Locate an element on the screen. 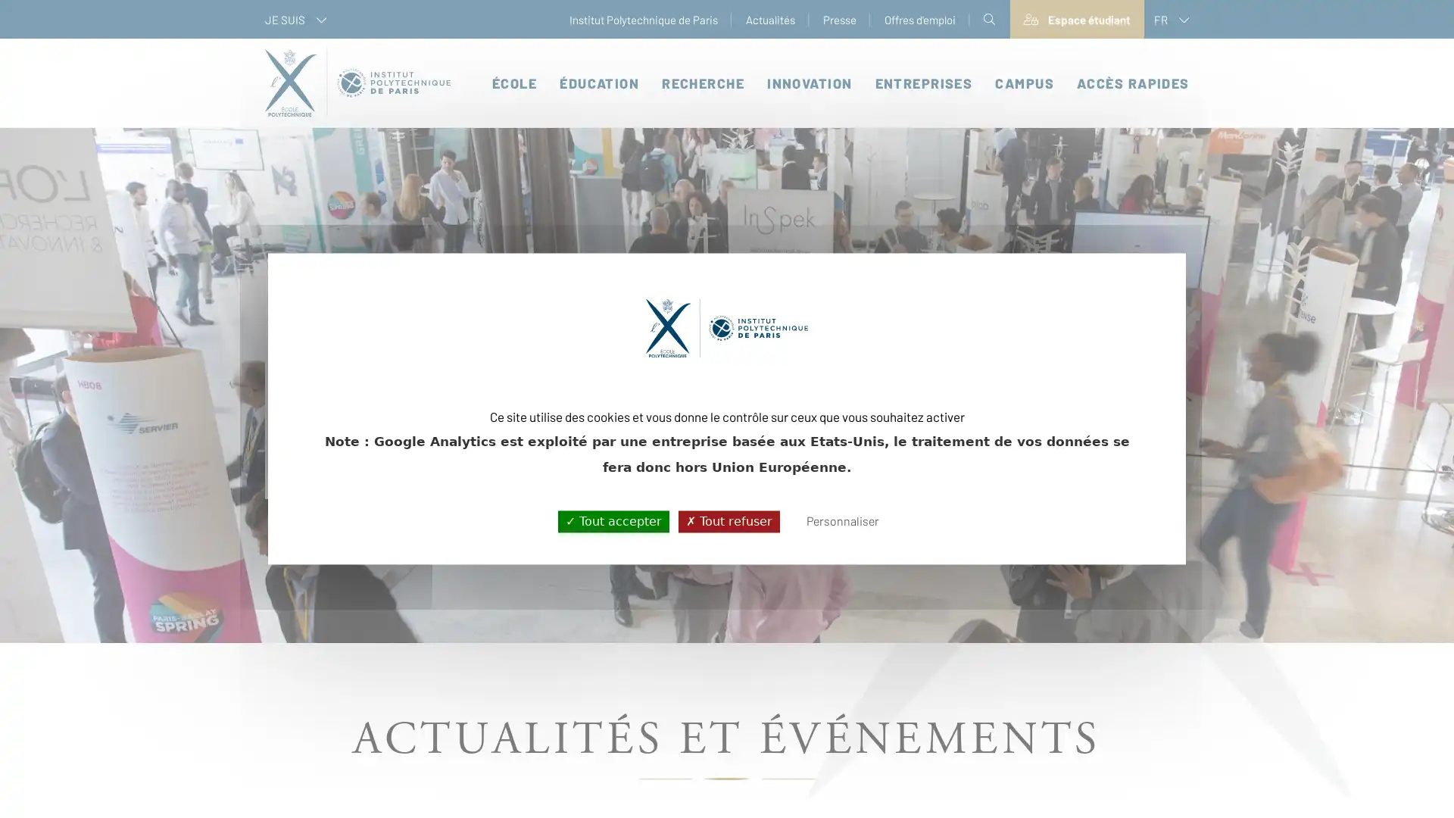 The height and width of the screenshot is (818, 1454). Personnaliser (fenetre modale) is located at coordinates (841, 521).